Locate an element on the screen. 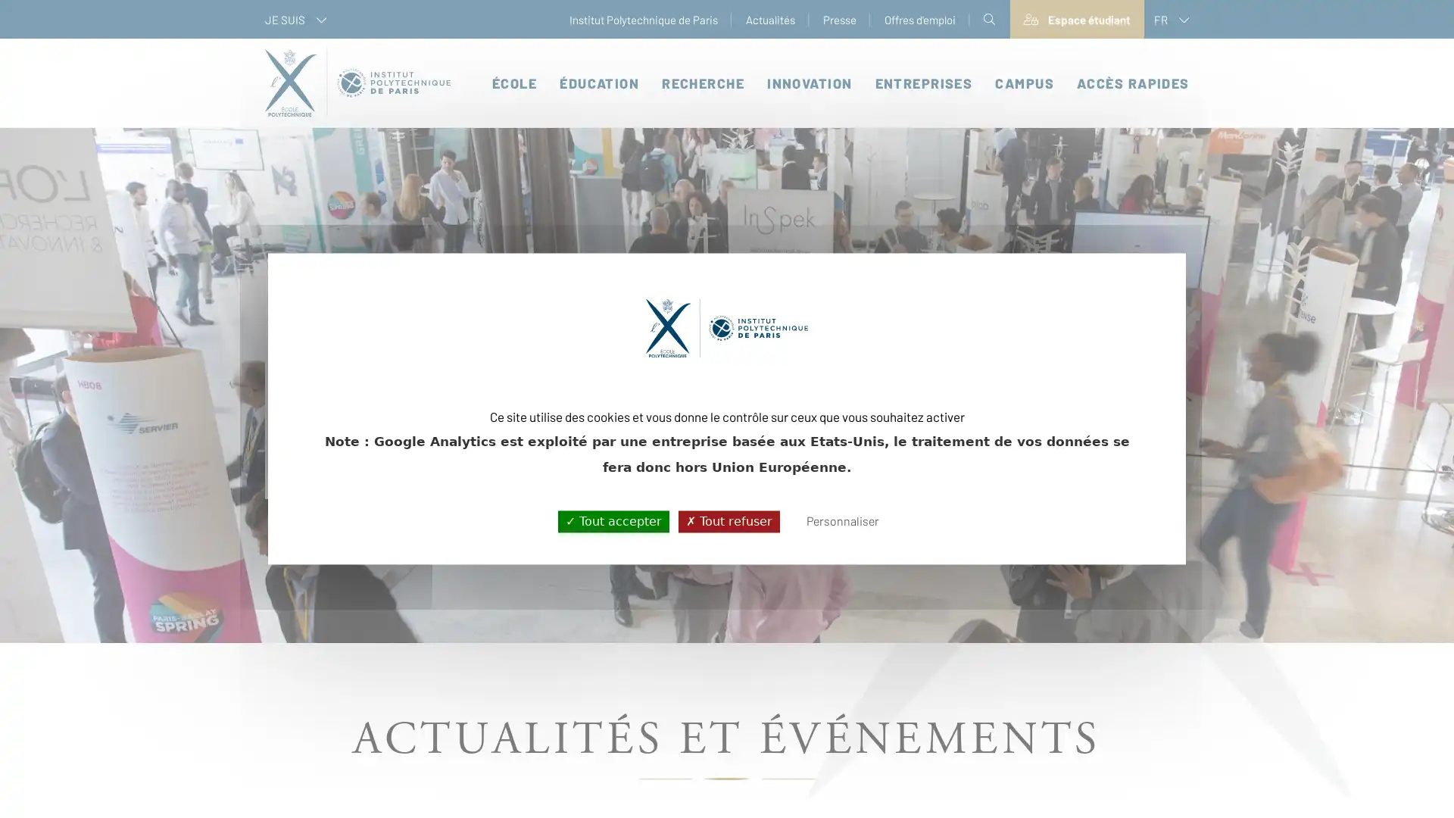 The height and width of the screenshot is (818, 1454). Personnaliser (fenetre modale) is located at coordinates (841, 521).